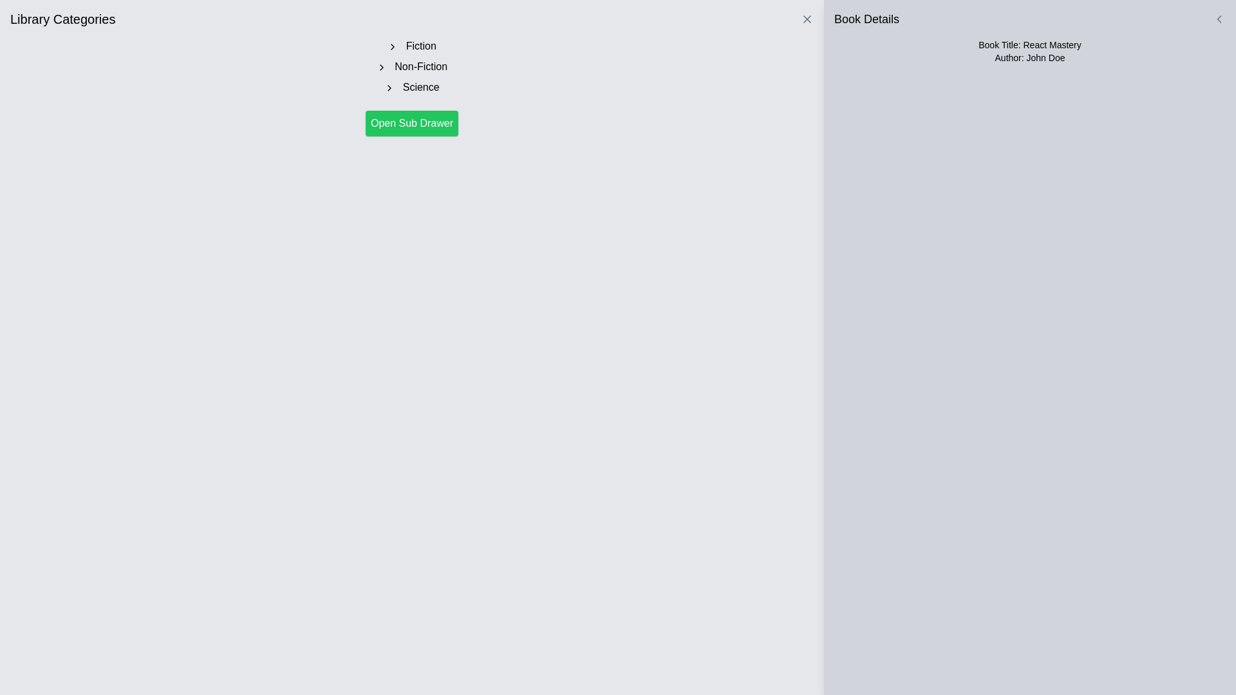 The width and height of the screenshot is (1236, 695). What do you see at coordinates (411, 124) in the screenshot?
I see `the button located in the middle-left section of the sidebar under the 'Library Categories' header` at bounding box center [411, 124].